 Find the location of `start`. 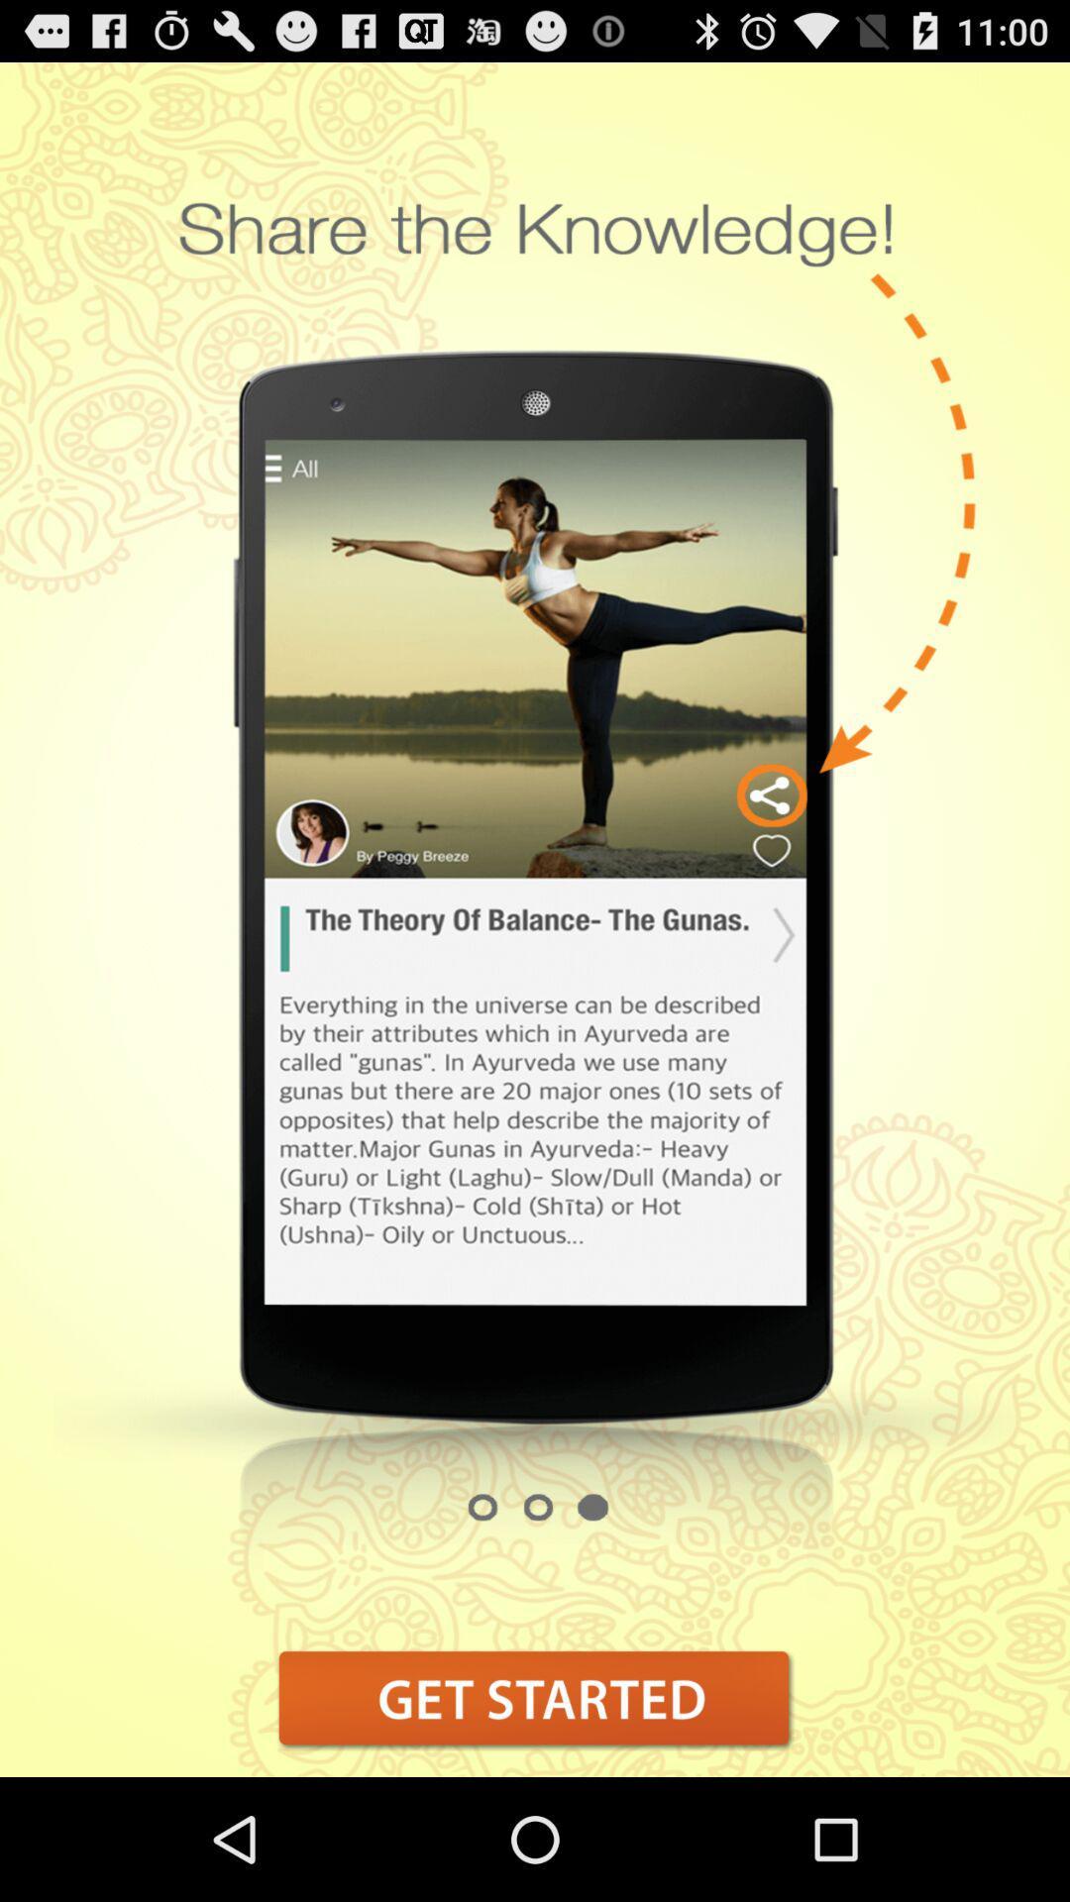

start is located at coordinates (535, 1698).